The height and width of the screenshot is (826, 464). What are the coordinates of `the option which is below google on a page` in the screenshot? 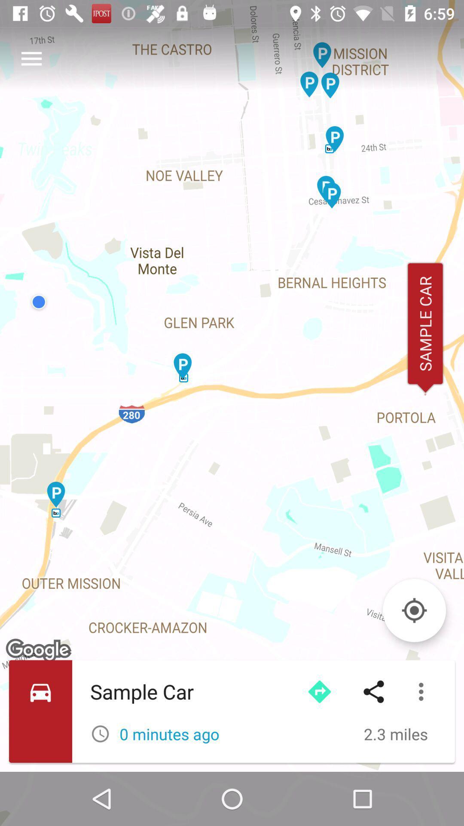 It's located at (232, 712).